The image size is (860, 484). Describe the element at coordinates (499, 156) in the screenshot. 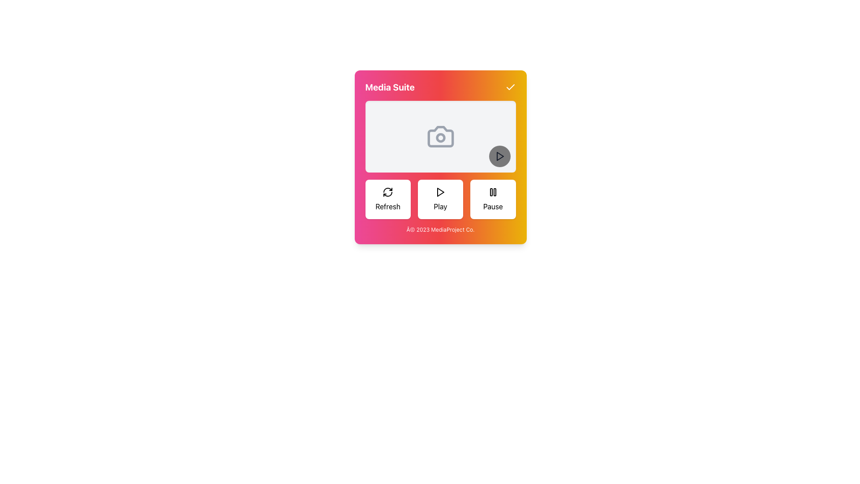

I see `the circular play button with a low-opacity black background located at the bottom-right corner of the card` at that location.